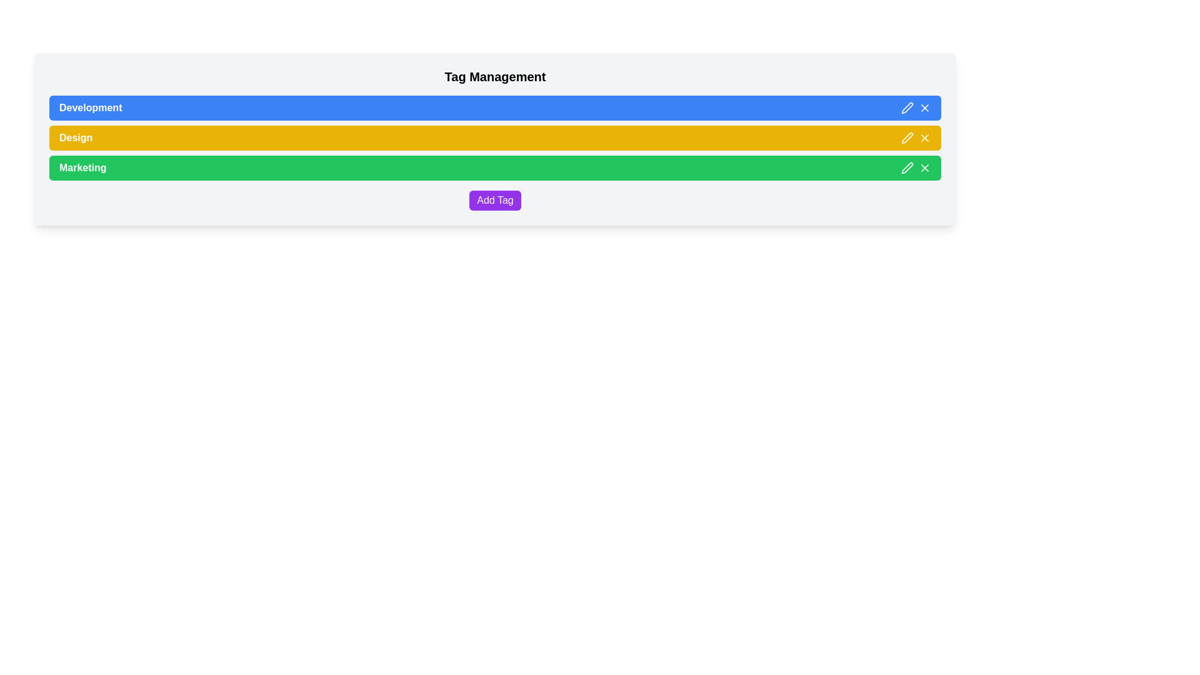 This screenshot has height=675, width=1200. What do you see at coordinates (924, 107) in the screenshot?
I see `the cancel button located at the top right corner of the blue list item labeled 'Development'` at bounding box center [924, 107].